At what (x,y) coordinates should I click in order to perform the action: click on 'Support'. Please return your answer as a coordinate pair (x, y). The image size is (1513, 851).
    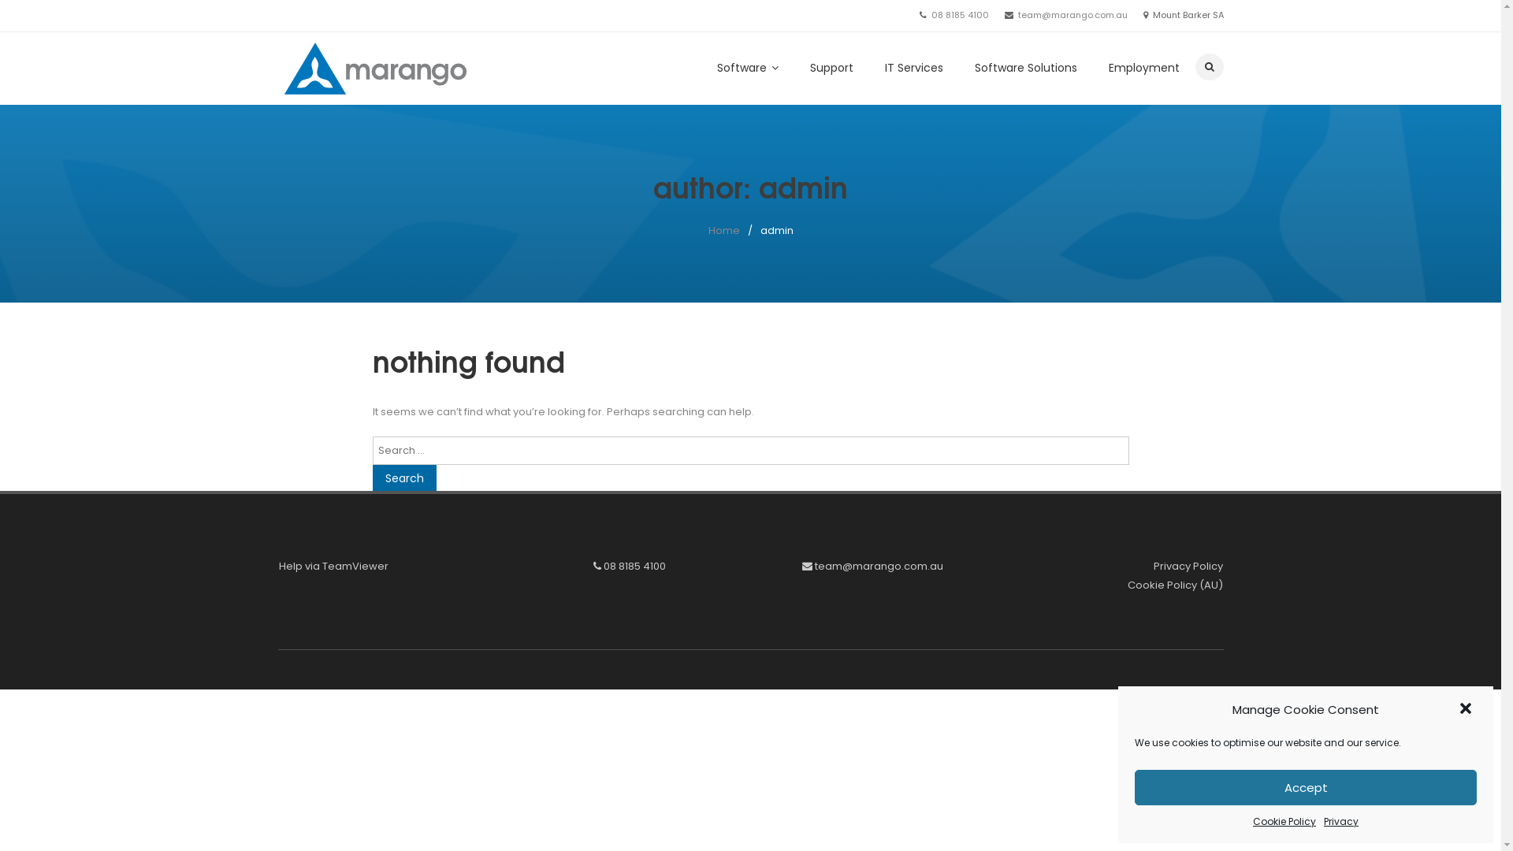
    Looking at the image, I should click on (831, 66).